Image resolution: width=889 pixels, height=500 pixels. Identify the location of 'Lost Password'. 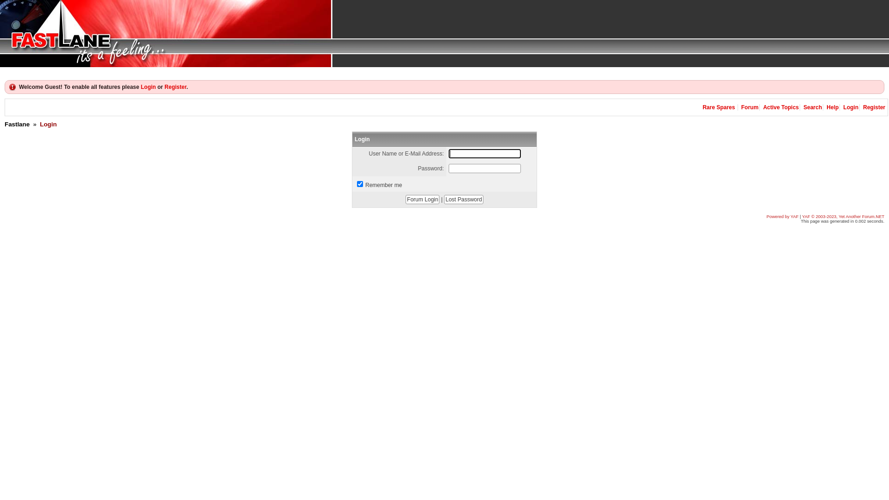
(463, 199).